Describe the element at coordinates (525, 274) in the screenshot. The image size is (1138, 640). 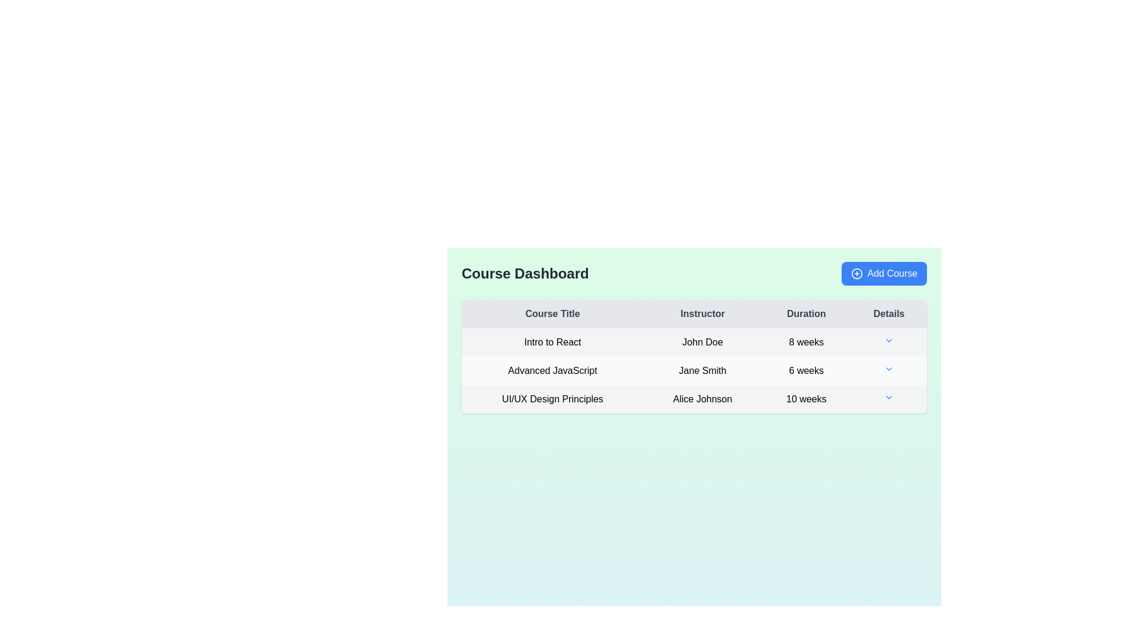
I see `text label displaying 'Course Dashboard' in bold and large font, styled with a dark gray color against a light green background, located in the header section of the interface` at that location.